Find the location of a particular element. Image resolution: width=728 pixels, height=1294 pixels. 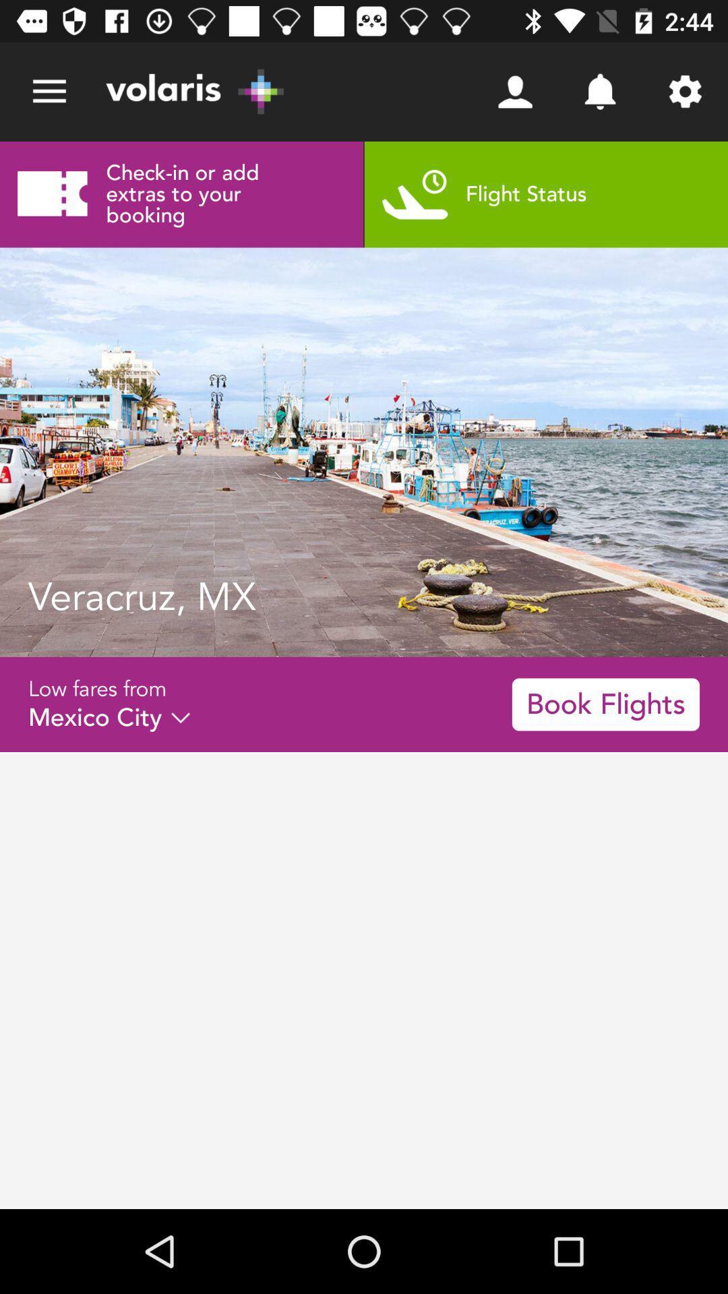

top right corner is located at coordinates (686, 92).